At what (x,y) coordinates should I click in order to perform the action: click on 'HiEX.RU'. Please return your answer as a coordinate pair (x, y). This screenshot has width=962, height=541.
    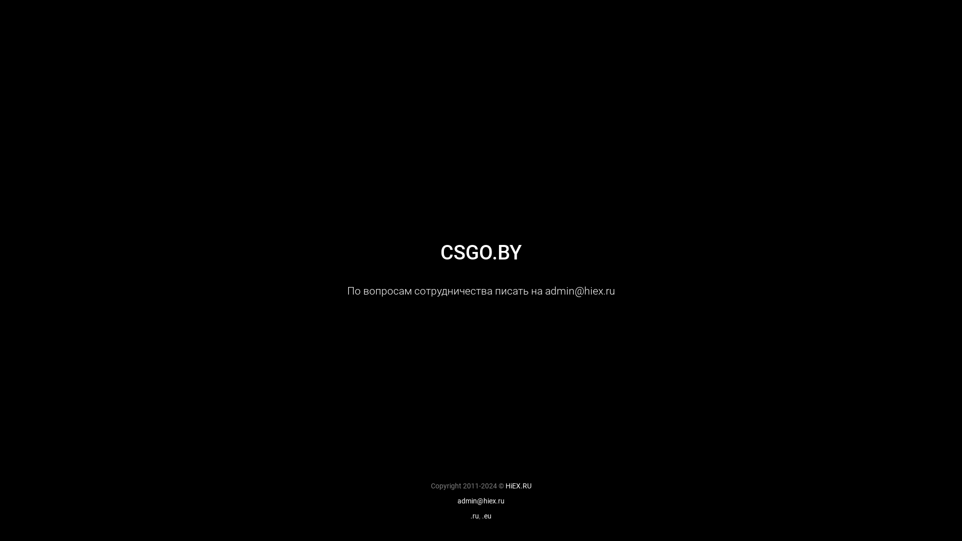
    Looking at the image, I should click on (518, 485).